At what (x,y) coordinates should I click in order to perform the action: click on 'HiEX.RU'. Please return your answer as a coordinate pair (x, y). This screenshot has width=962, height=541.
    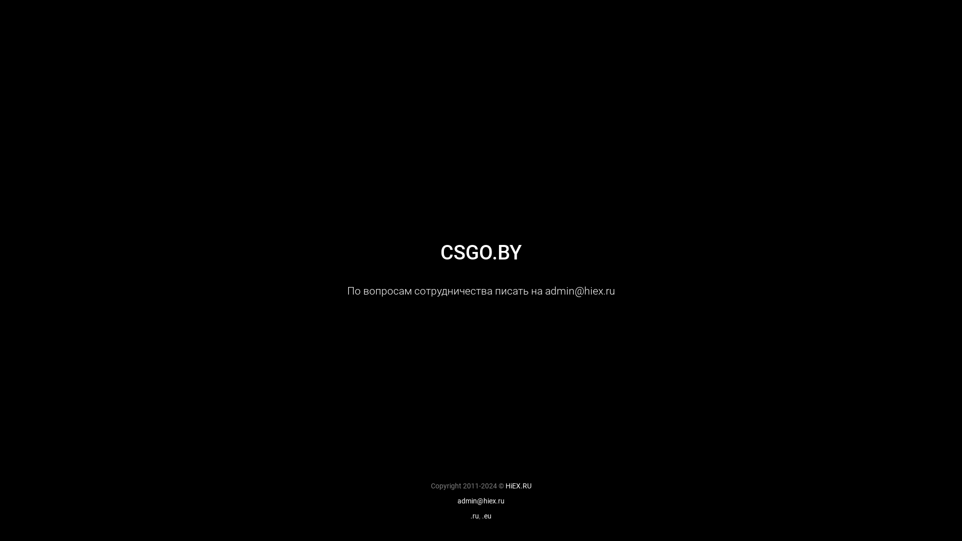
    Looking at the image, I should click on (518, 485).